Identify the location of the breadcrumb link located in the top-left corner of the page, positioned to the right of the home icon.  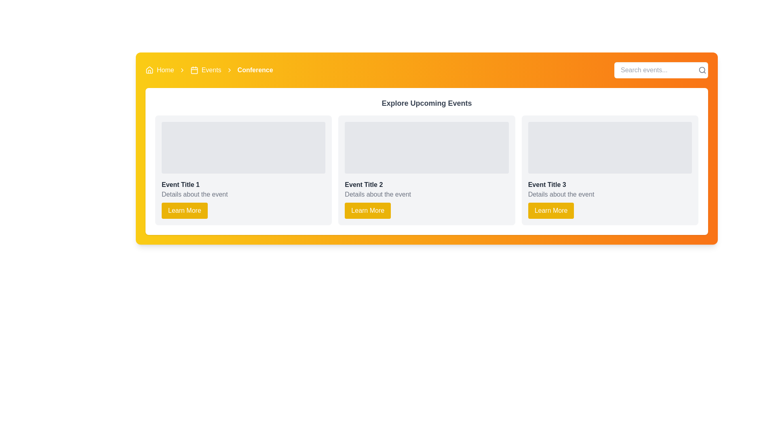
(165, 69).